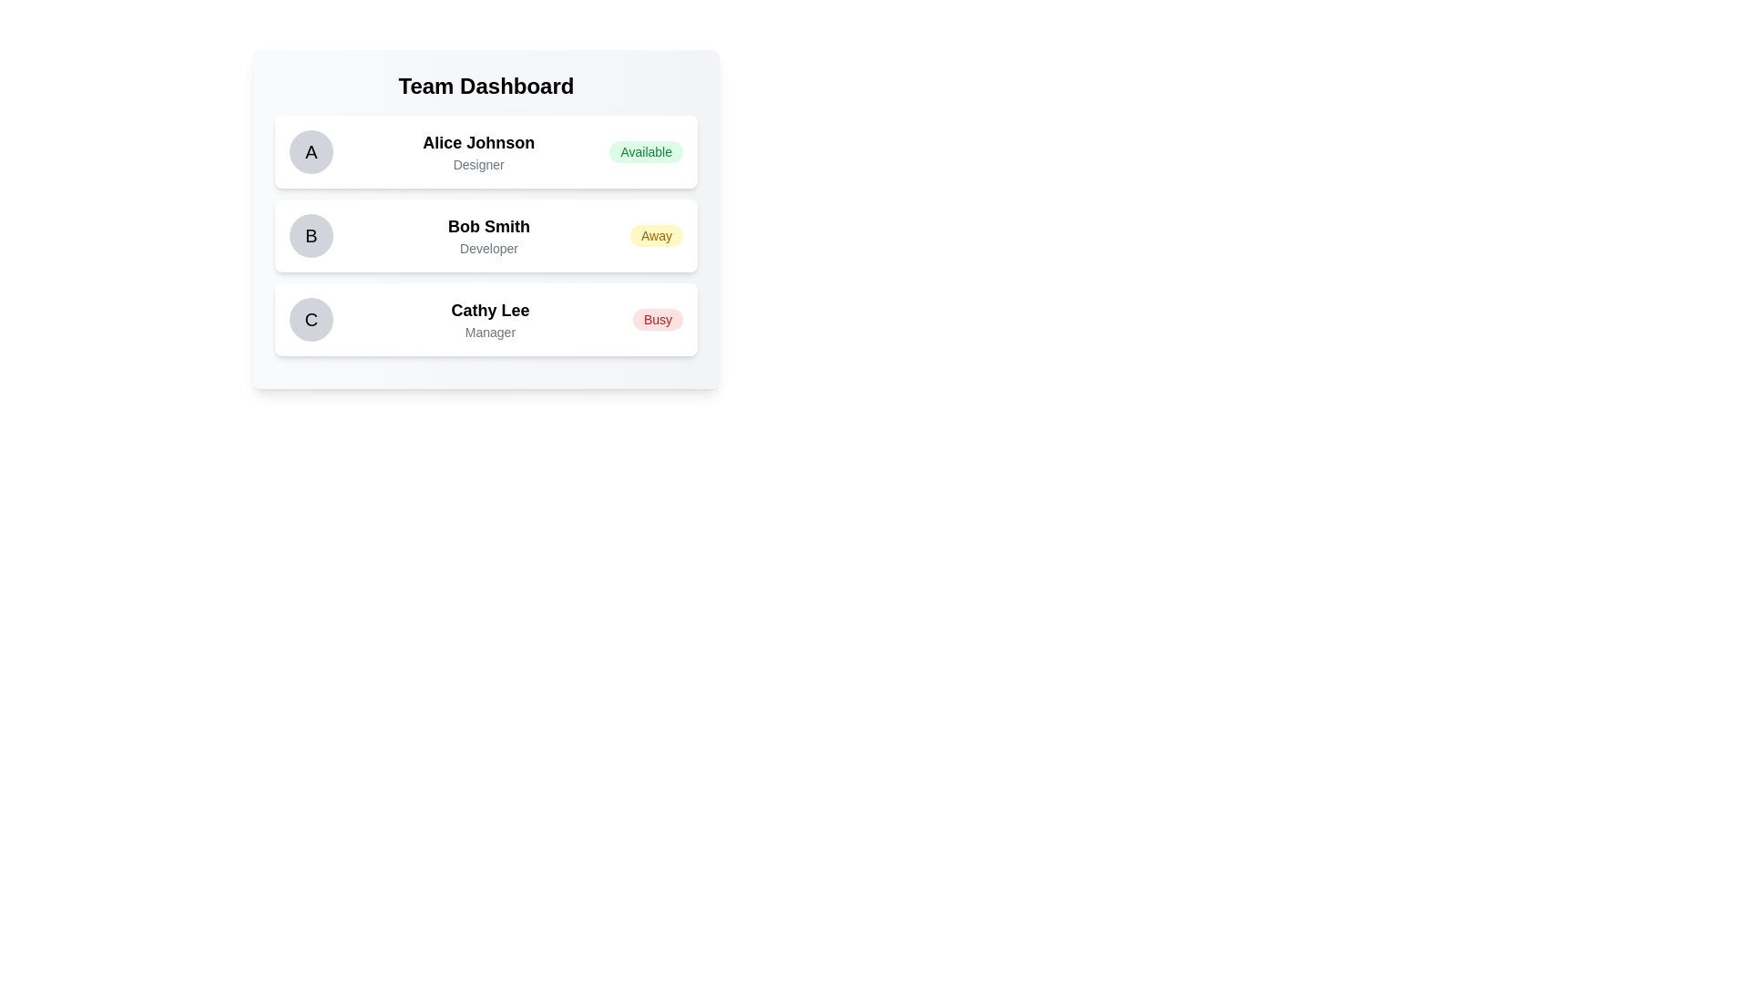  I want to click on the text label that displays 'Cathy Lee' and 'Manager', which is the central content of the third card in a vertical list, positioned between the card with 'Bob Smith' and the footer, so click(490, 319).